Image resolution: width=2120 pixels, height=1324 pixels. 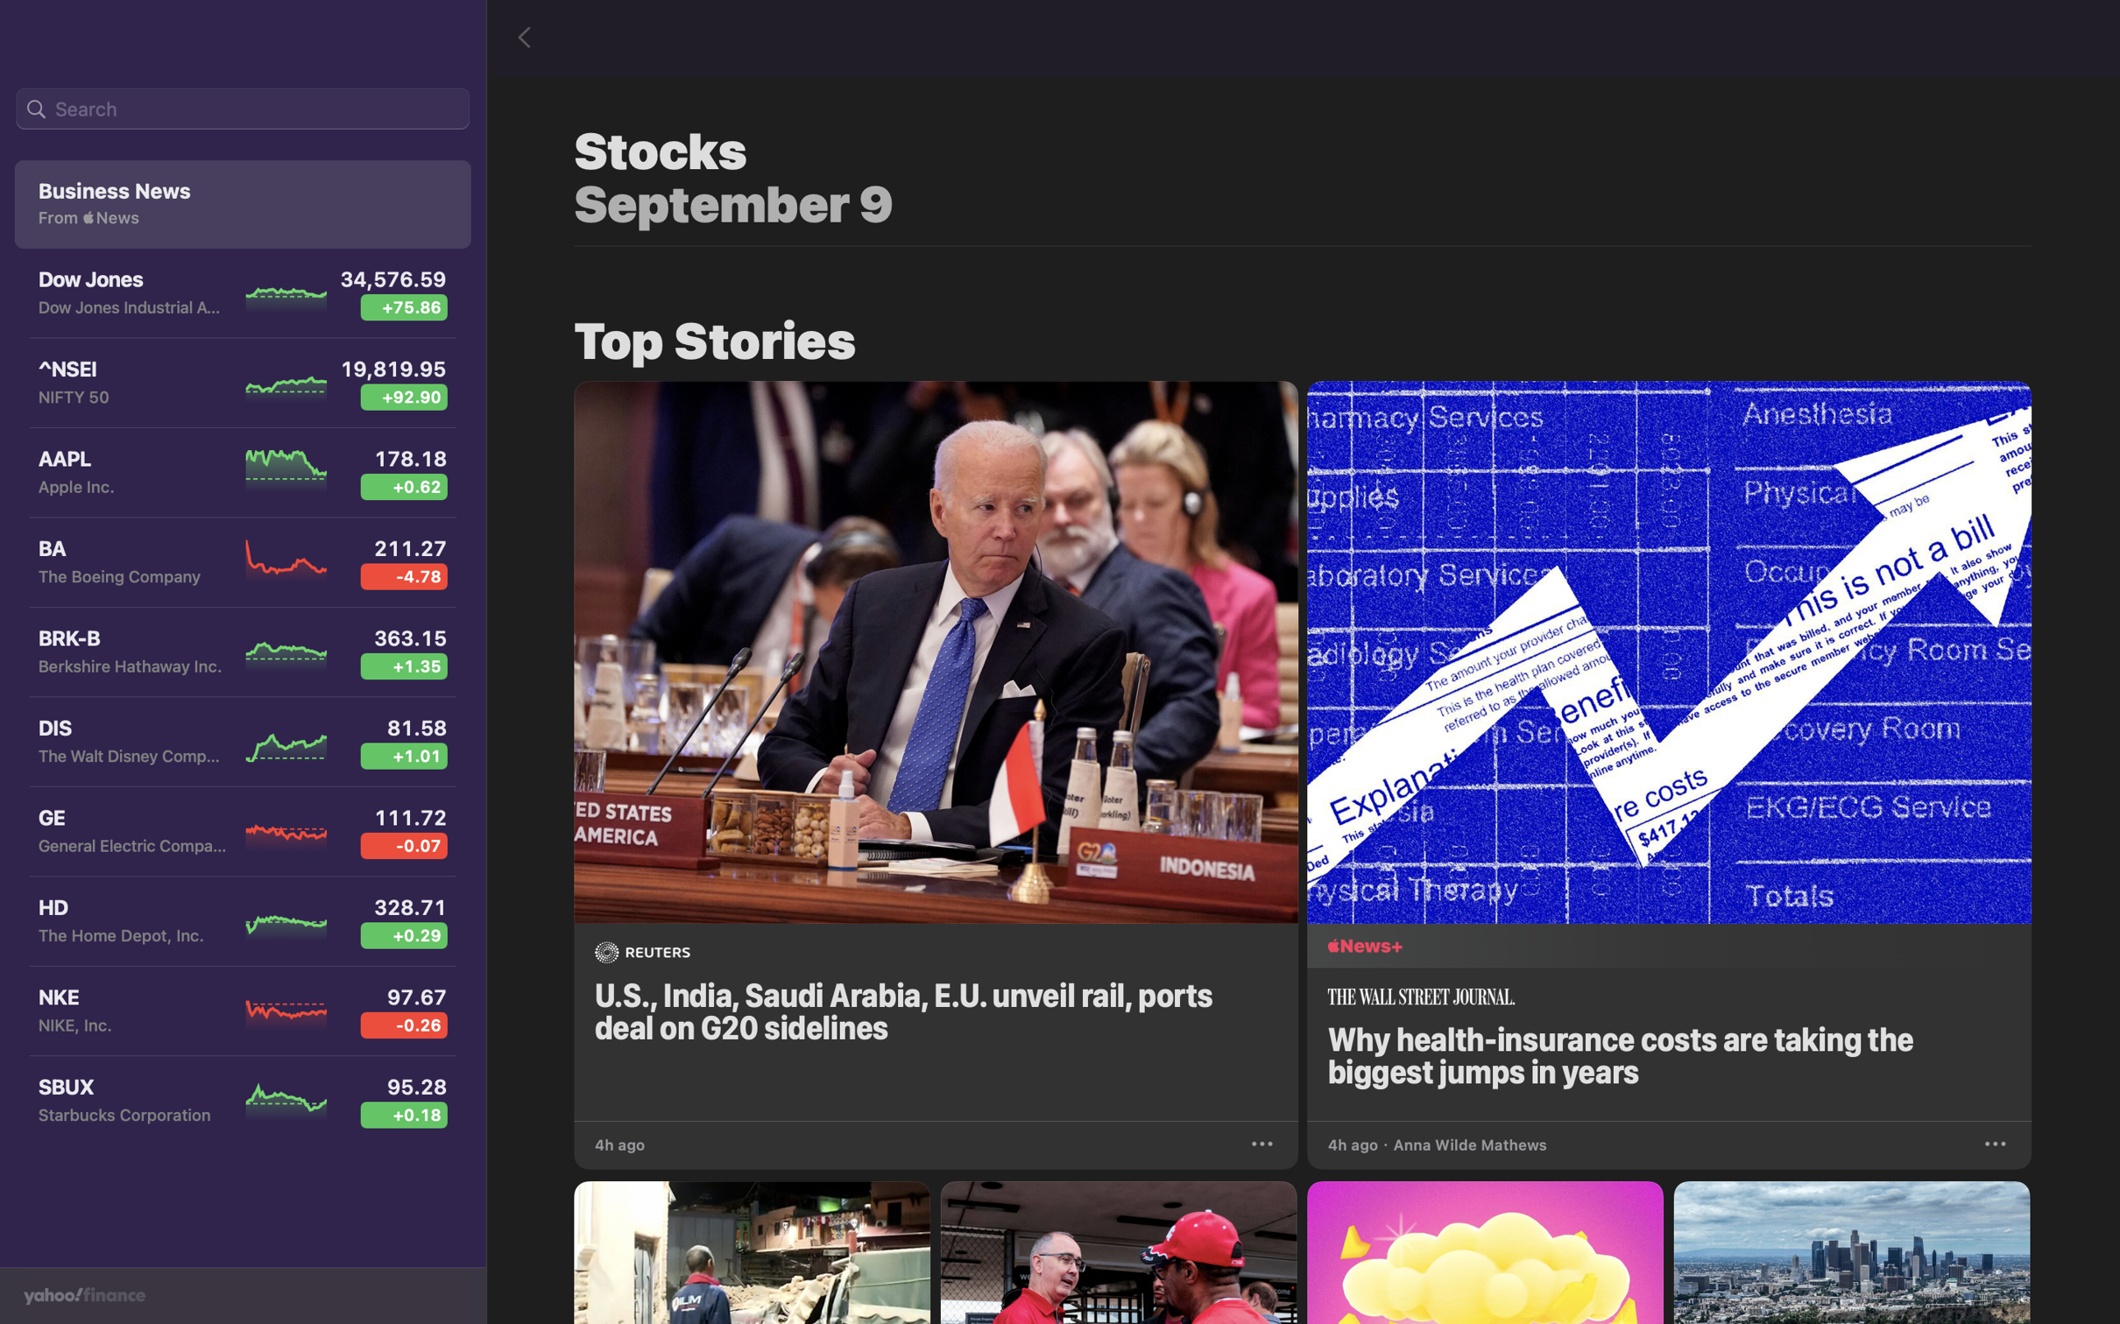 What do you see at coordinates (1993, 1143) in the screenshot?
I see `Store the recent health insurance article` at bounding box center [1993, 1143].